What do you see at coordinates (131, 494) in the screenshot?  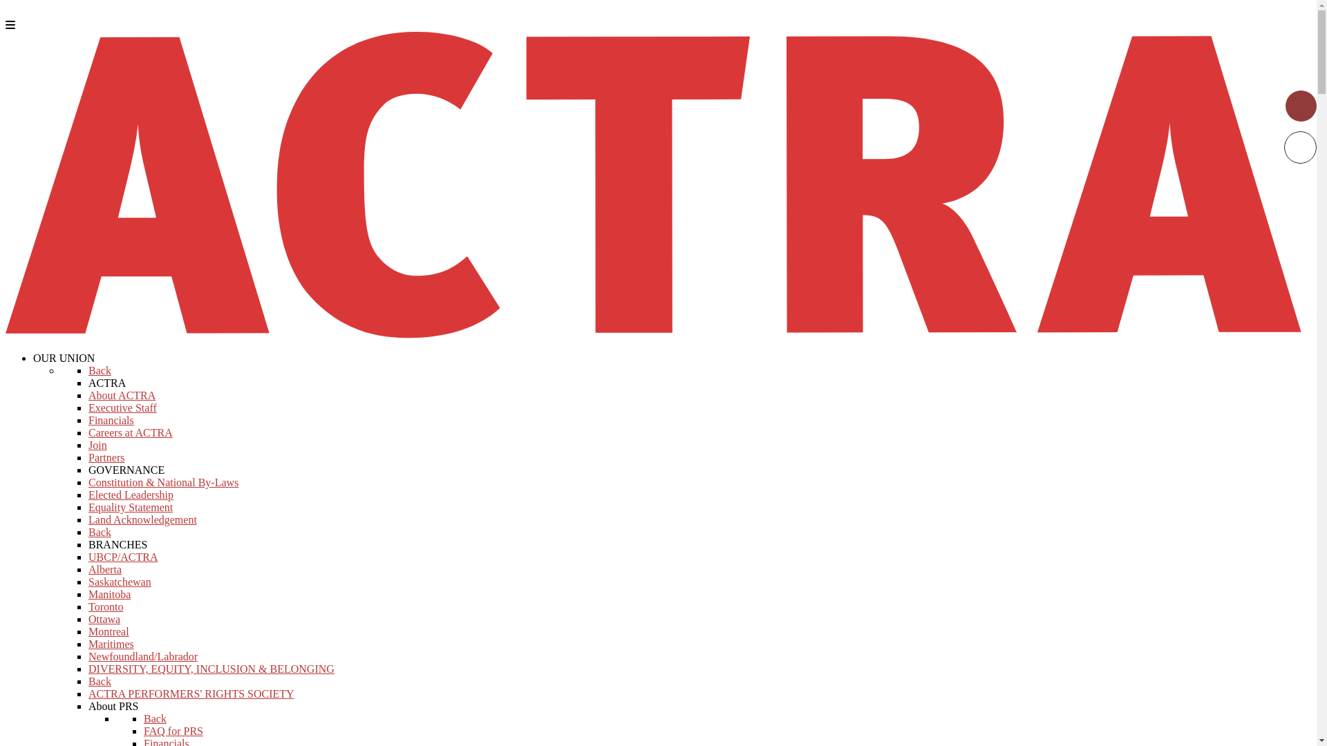 I see `'Elected Leadership'` at bounding box center [131, 494].